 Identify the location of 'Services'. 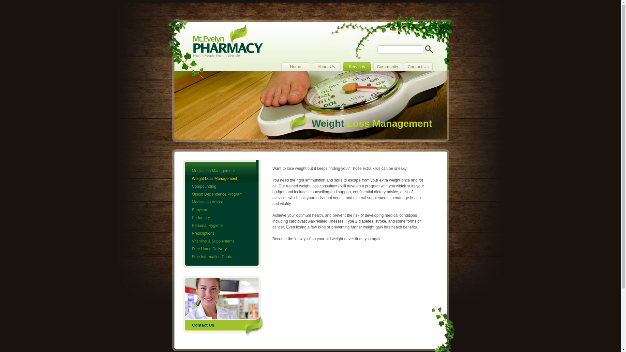
(356, 66).